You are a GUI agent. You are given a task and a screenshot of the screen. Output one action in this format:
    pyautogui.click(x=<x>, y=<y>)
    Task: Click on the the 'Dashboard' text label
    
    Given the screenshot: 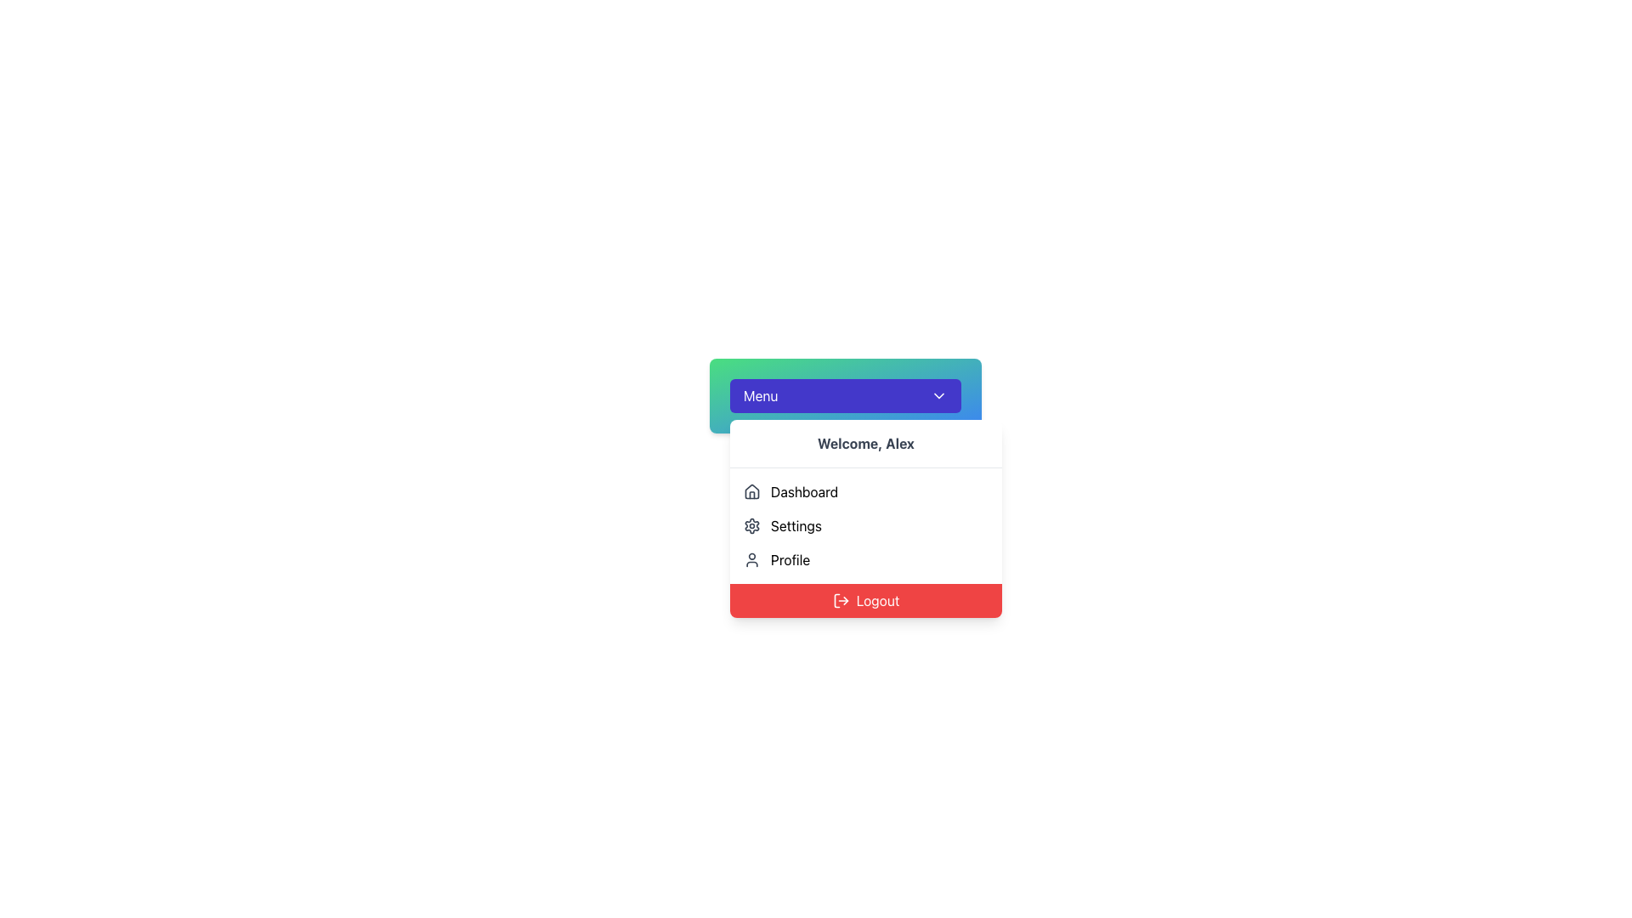 What is the action you would take?
    pyautogui.click(x=803, y=491)
    